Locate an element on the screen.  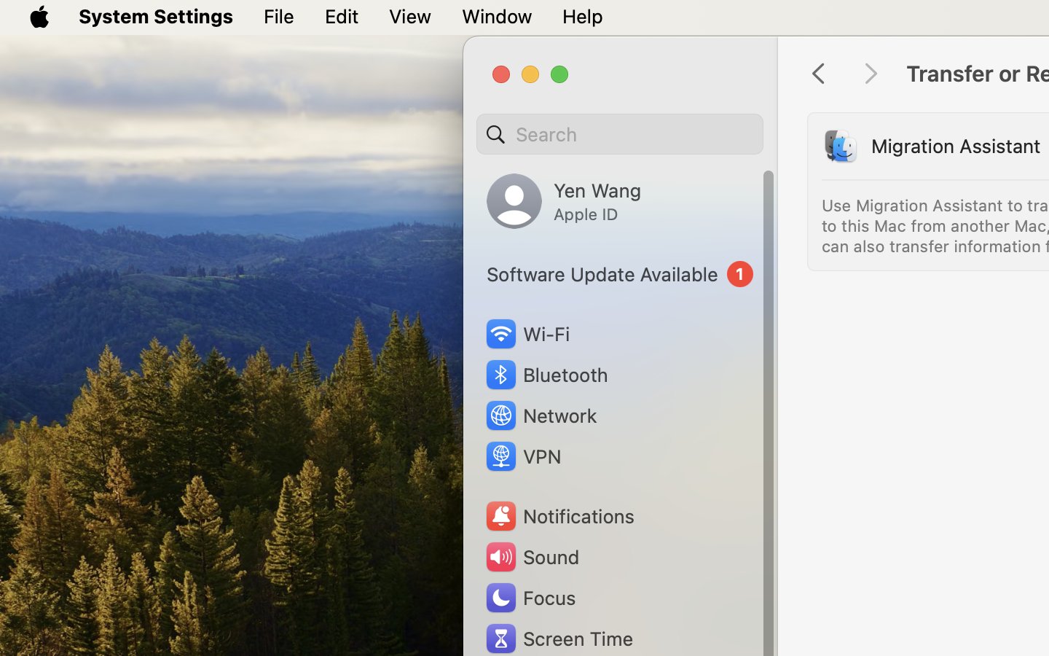
'Wi‑Fi' is located at coordinates (526, 333).